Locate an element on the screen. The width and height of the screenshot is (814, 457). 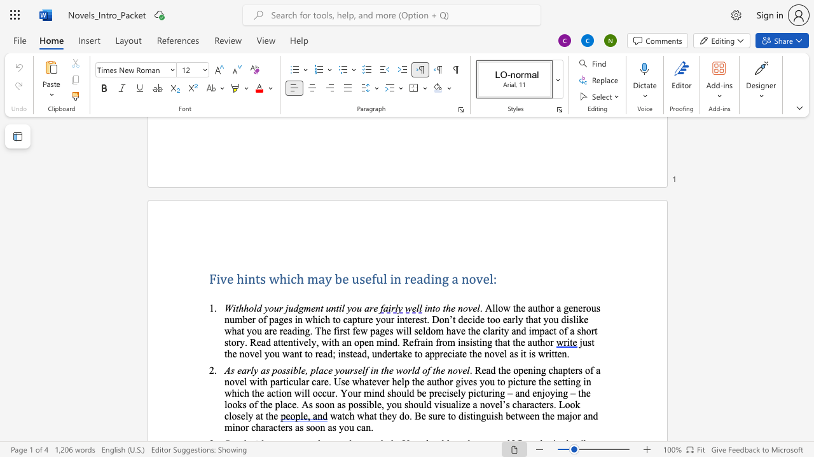
the 2th character "." in the text is located at coordinates (428, 319).